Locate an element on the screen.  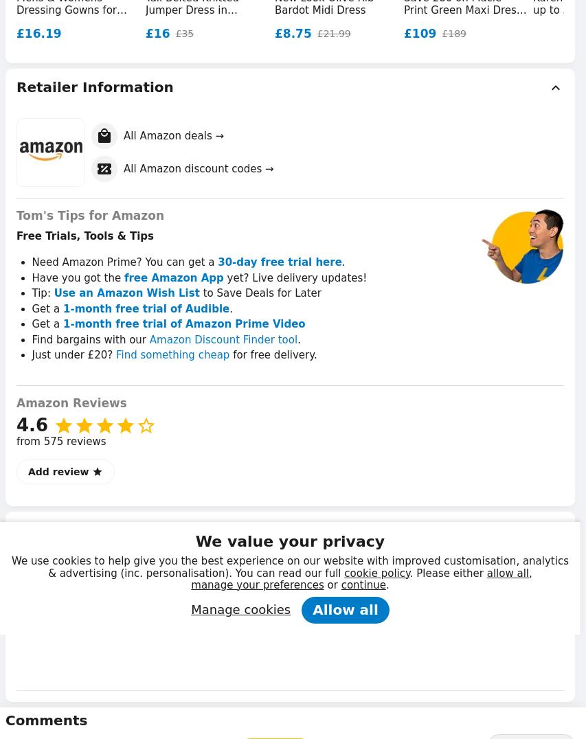
'Free Trials, Tools & Tips' is located at coordinates (84, 236).